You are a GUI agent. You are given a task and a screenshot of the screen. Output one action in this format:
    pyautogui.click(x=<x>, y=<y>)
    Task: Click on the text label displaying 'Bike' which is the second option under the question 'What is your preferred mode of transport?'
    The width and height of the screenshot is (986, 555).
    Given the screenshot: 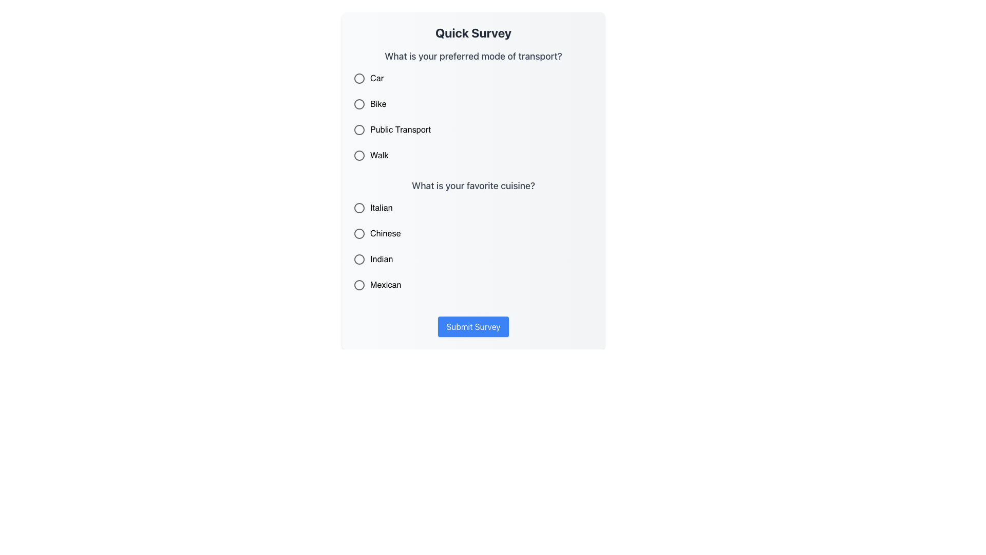 What is the action you would take?
    pyautogui.click(x=377, y=104)
    